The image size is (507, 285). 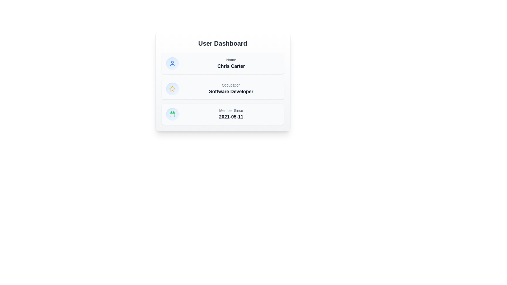 What do you see at coordinates (231, 66) in the screenshot?
I see `displayed text from the text label showing 'Chris Carter', which is bold and dark gray, located beneath the 'Name' label in the dashboard` at bounding box center [231, 66].